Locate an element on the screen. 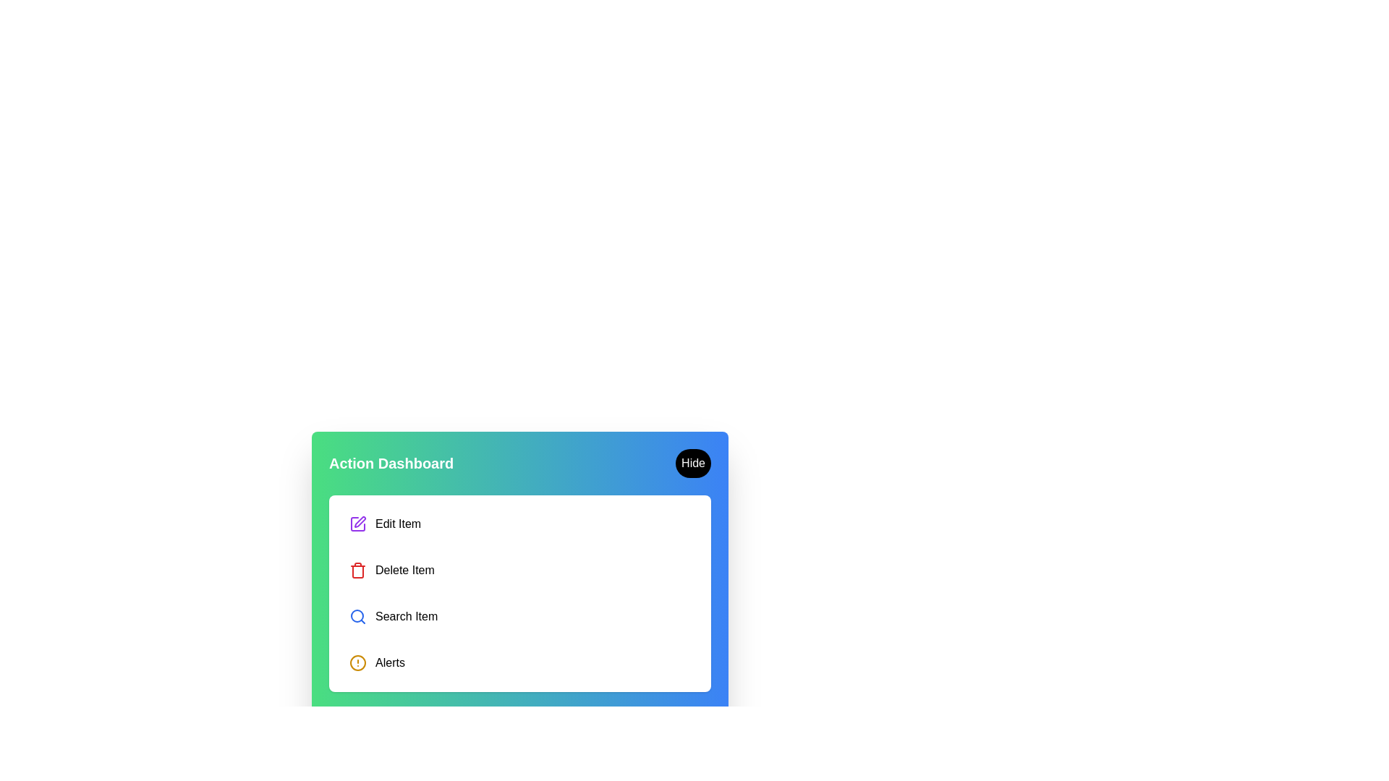 Image resolution: width=1389 pixels, height=781 pixels. the button in the top-right corner of the 'Action Dashboard' to hide the dashboard panel is located at coordinates (692, 463).